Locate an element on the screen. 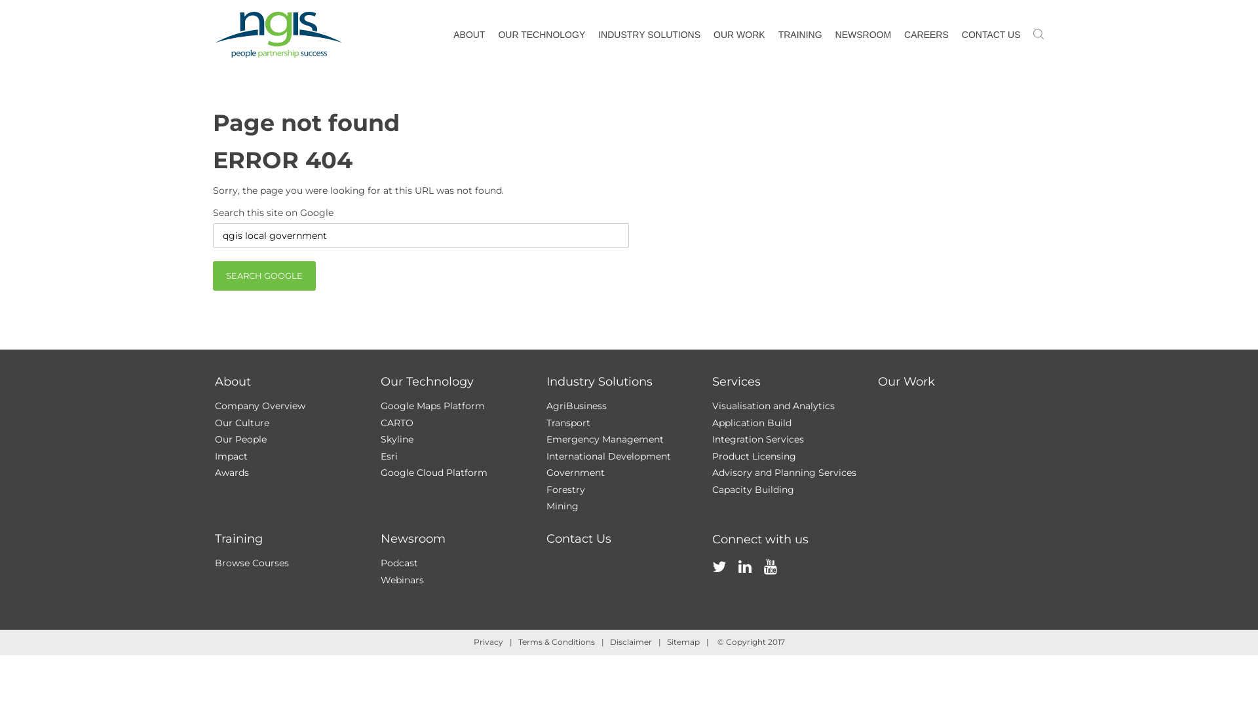 The height and width of the screenshot is (707, 1258). 'Training' is located at coordinates (238, 538).